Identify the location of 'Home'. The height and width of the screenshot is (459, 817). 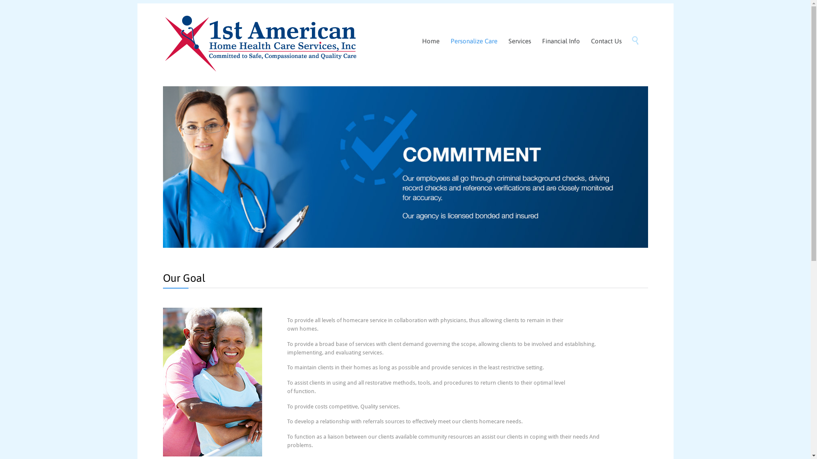
(430, 41).